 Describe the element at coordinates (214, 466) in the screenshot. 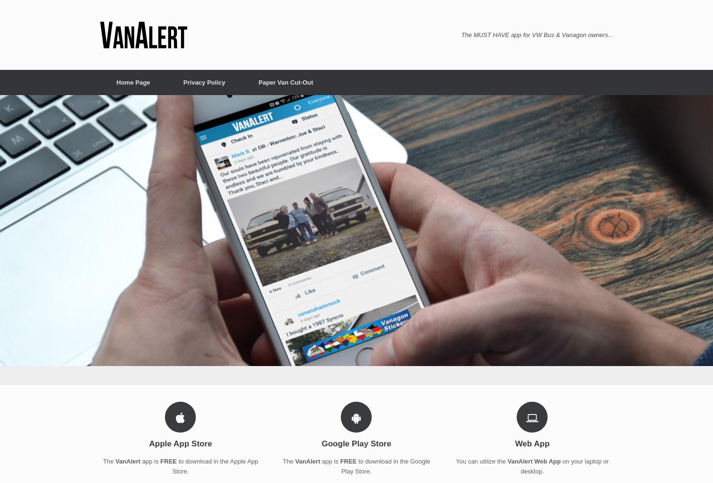

I see `'to download in the Apple App Store.'` at that location.